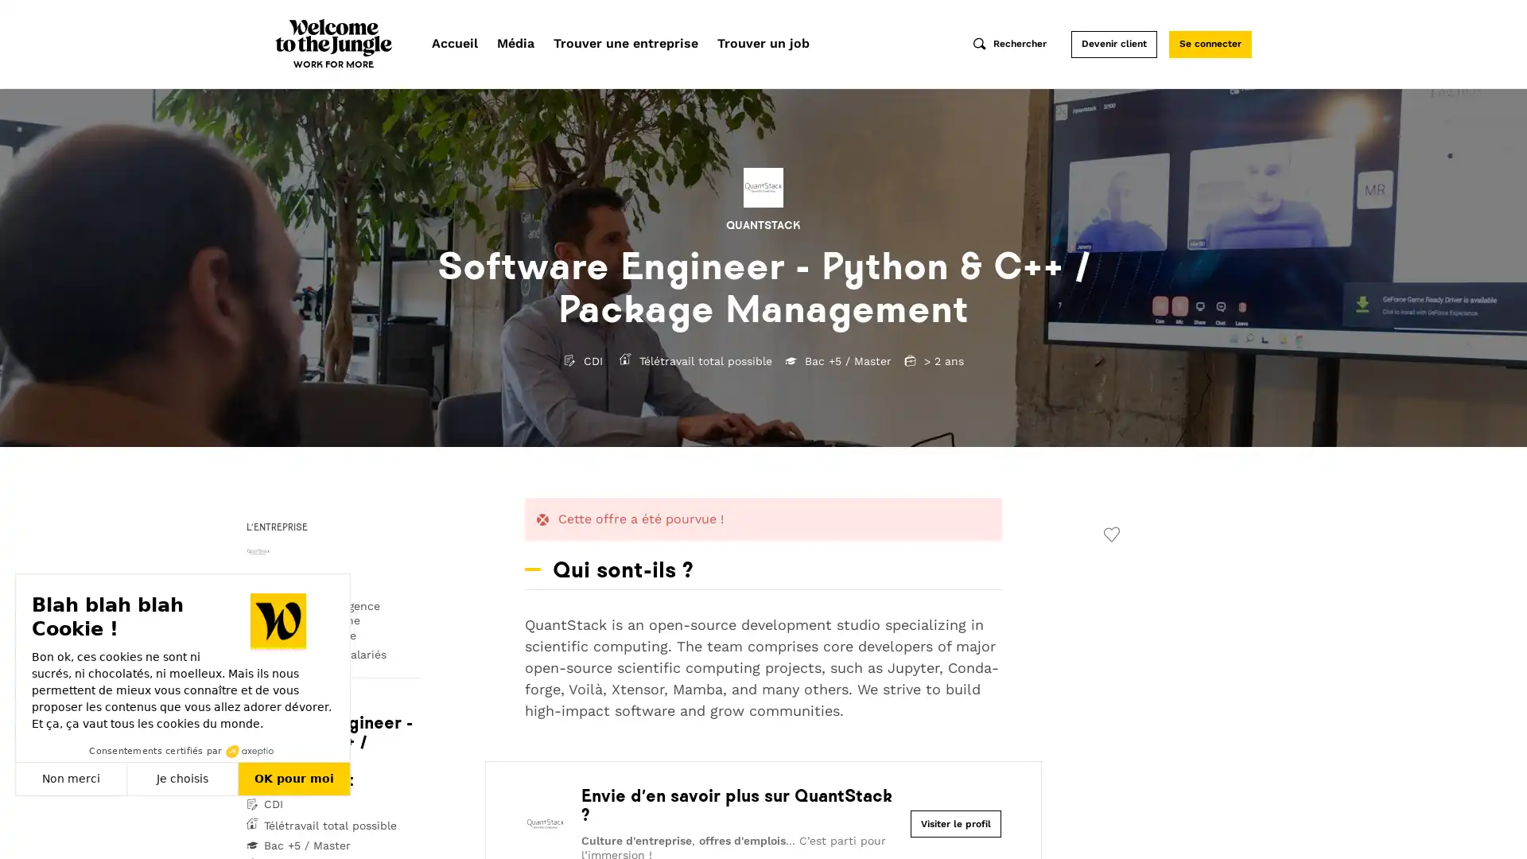  What do you see at coordinates (293, 778) in the screenshot?
I see `OK pour moi` at bounding box center [293, 778].